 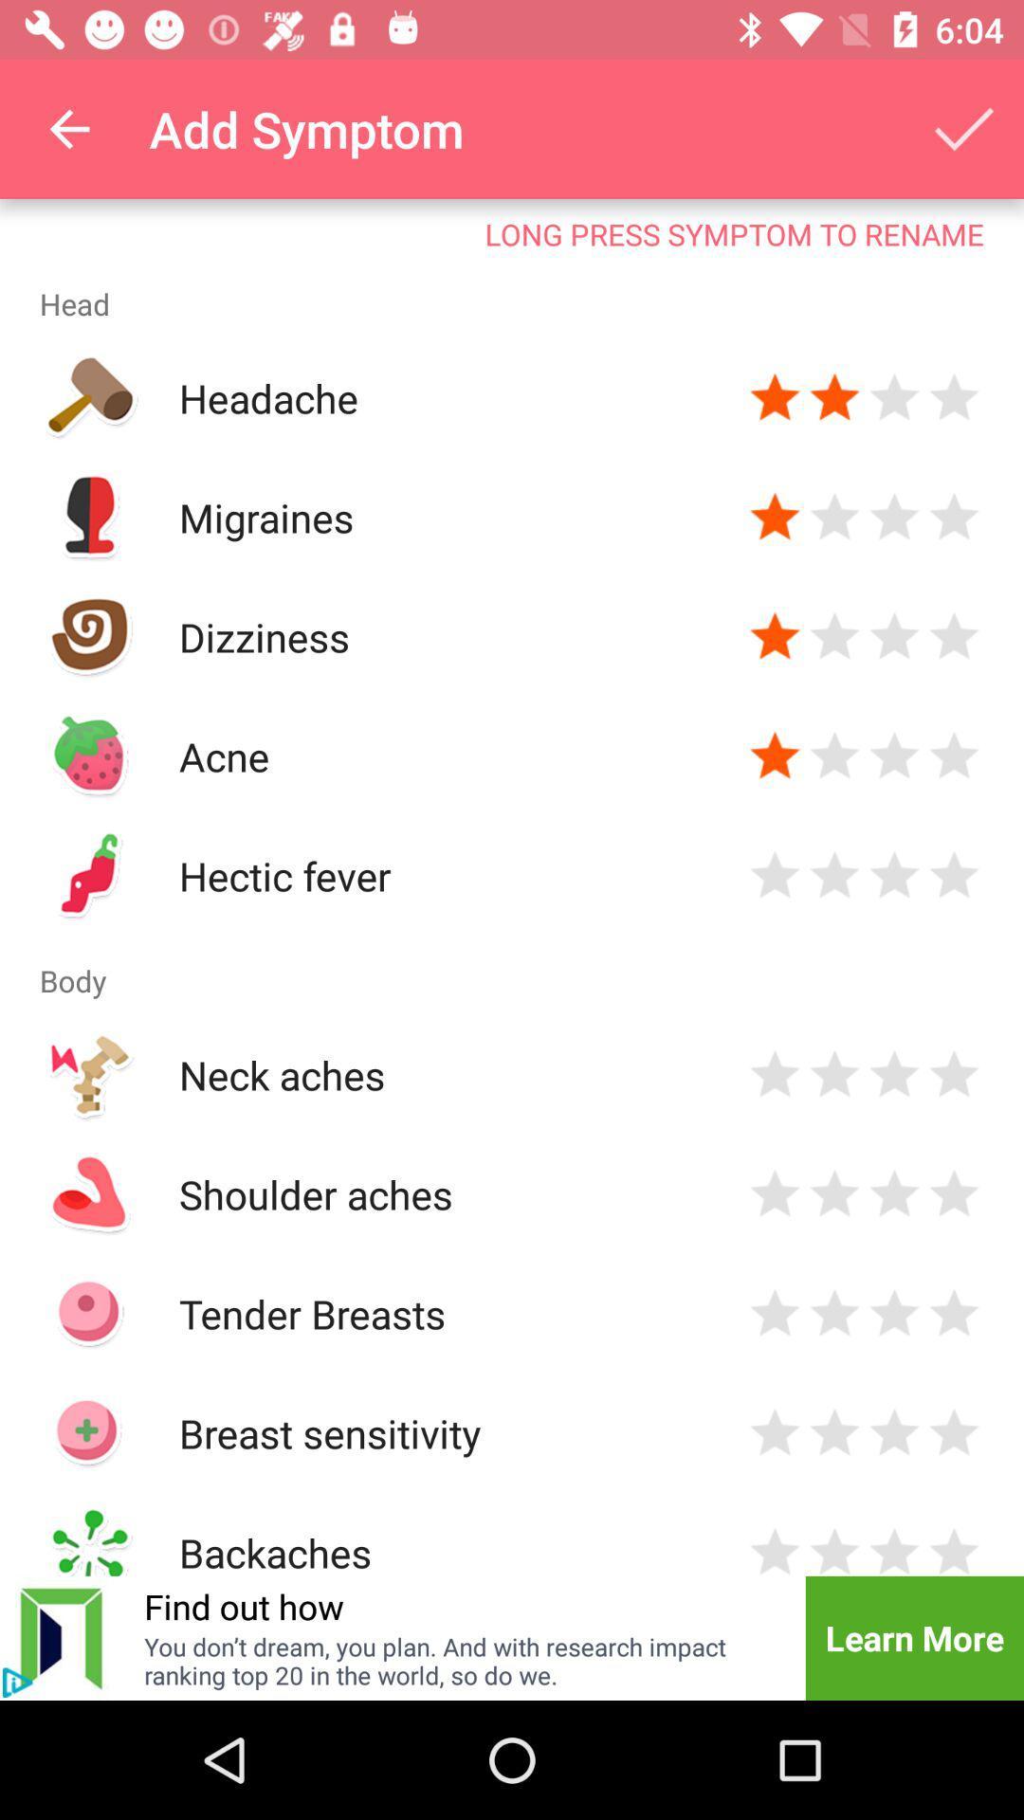 I want to click on ratings, so click(x=954, y=518).